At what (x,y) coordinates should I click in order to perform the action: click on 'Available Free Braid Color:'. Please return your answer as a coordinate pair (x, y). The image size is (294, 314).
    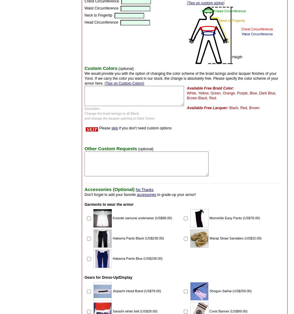
    Looking at the image, I should click on (210, 88).